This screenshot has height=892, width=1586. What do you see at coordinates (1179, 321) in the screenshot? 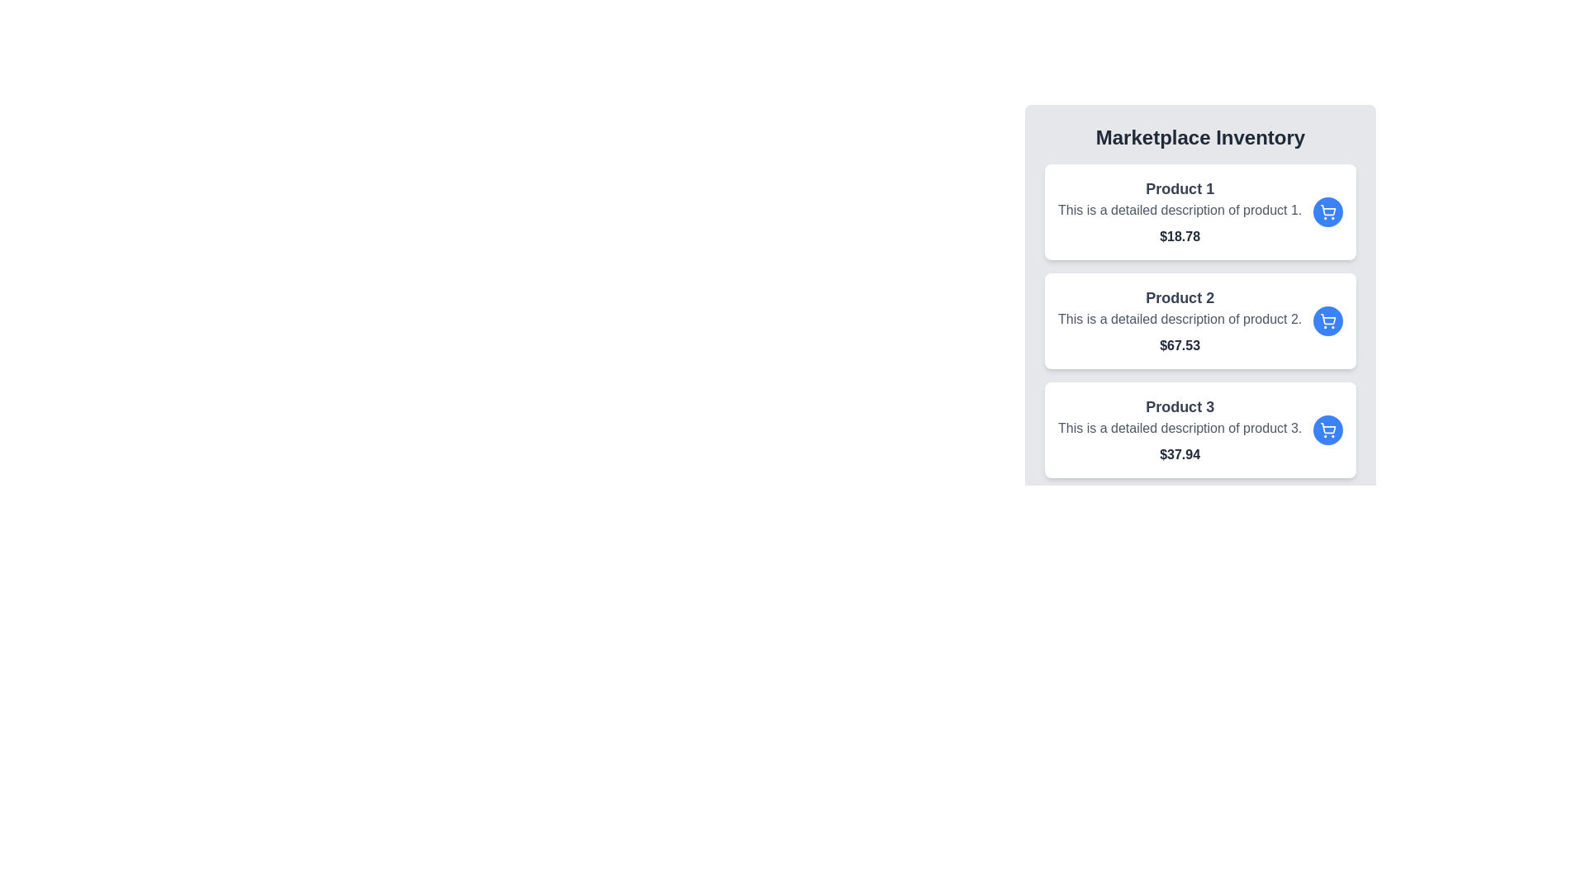
I see `textual information displayed in the 'Product 2' text display element, which includes the heading, description, and price` at bounding box center [1179, 321].